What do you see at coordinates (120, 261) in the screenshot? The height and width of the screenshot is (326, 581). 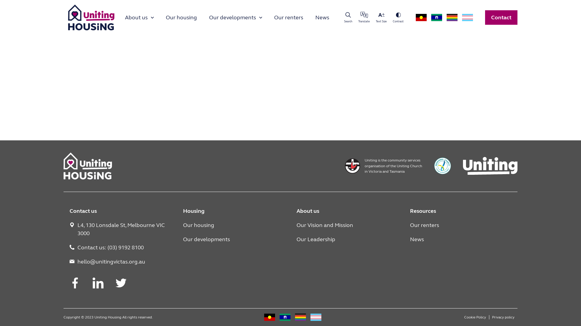 I see `'hello@unitingvictas.org.au'` at bounding box center [120, 261].